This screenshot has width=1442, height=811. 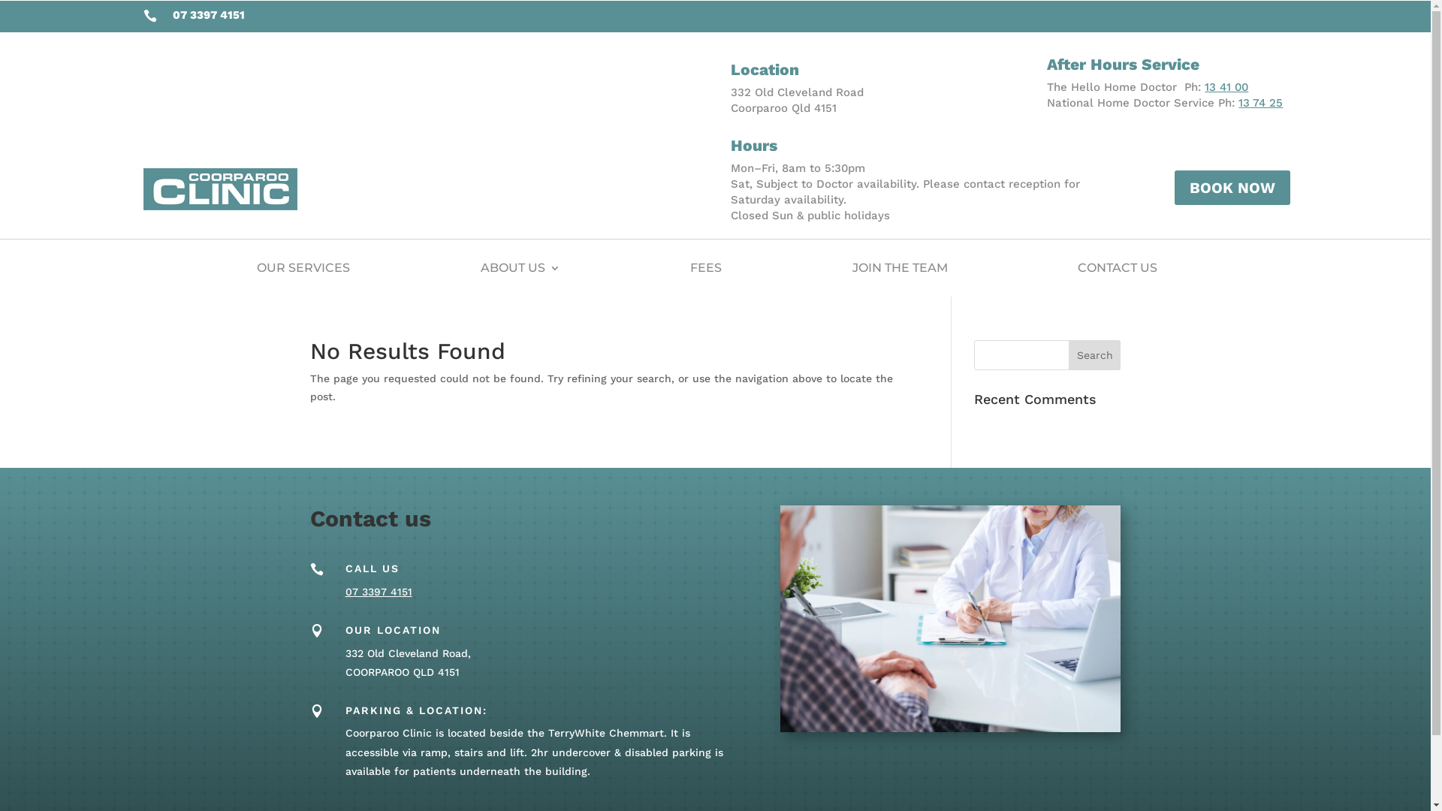 I want to click on 'OUR SERVICES', so click(x=302, y=267).